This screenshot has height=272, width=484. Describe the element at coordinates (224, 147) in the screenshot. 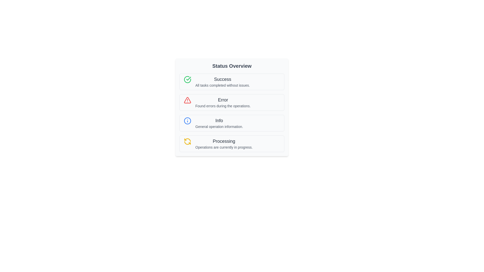

I see `the text description reading 'Operations are currently in progress,' which is styled in a small gray font and located below the bold 'Processing' label` at that location.